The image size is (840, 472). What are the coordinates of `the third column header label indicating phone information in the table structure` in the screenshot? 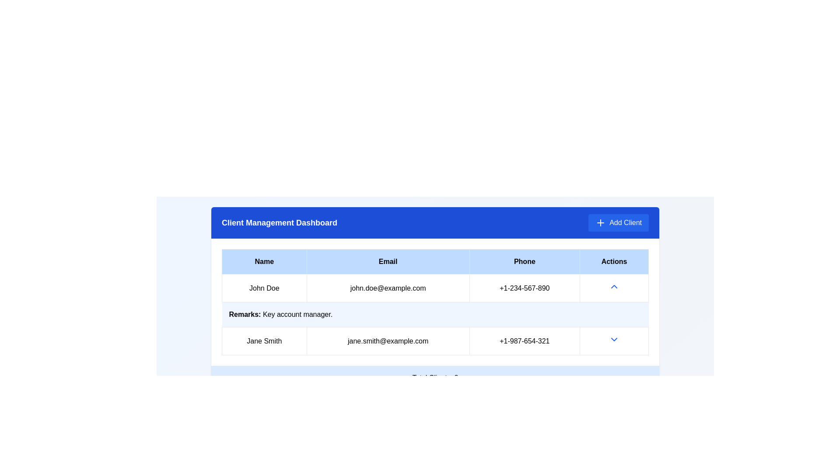 It's located at (525, 261).